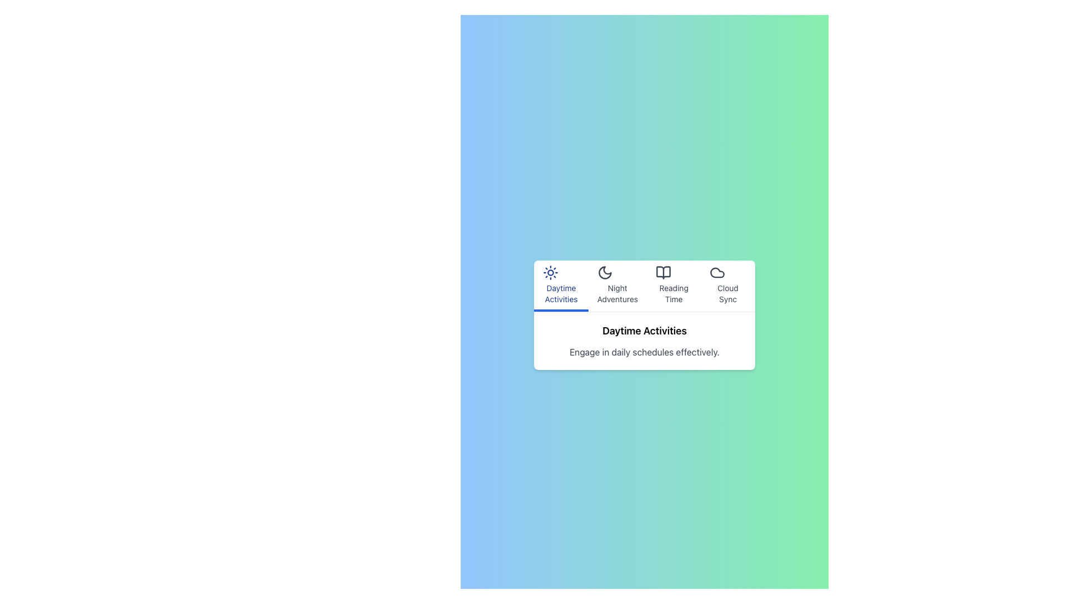 The height and width of the screenshot is (600, 1067). I want to click on the 'Night Adventures' icon button, located as the second icon from the left in a row of icons at the top of a card-like interface, so click(604, 272).